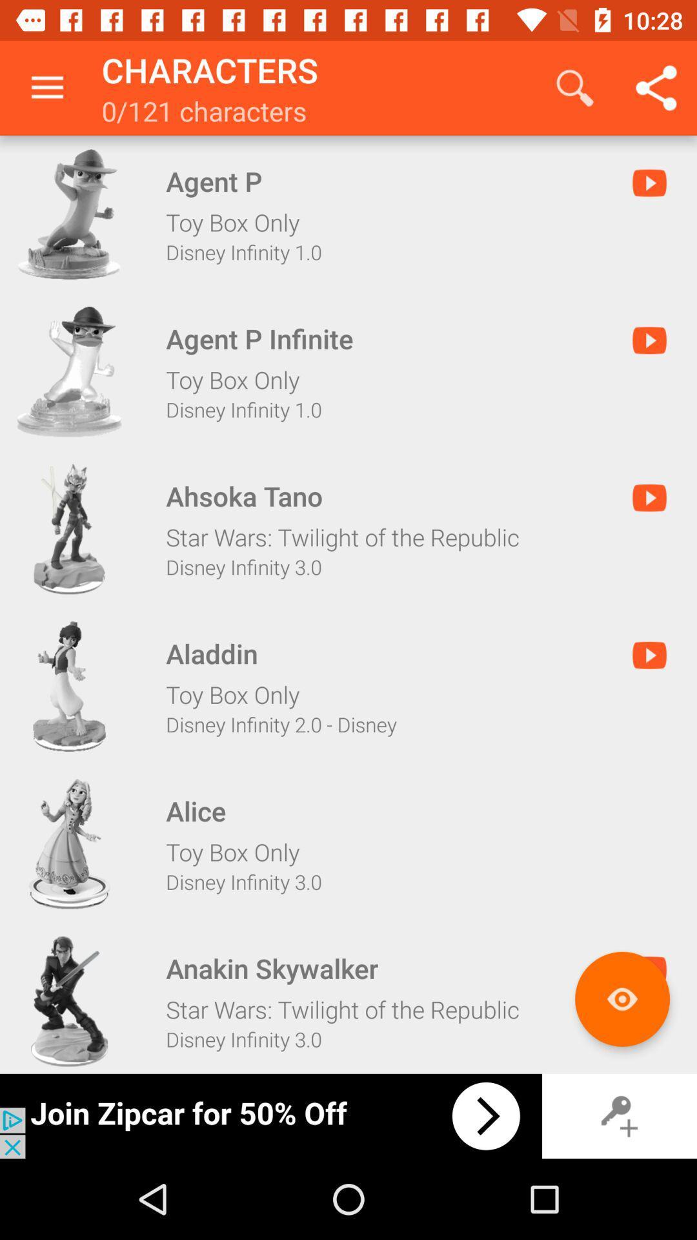  What do you see at coordinates (69, 371) in the screenshot?
I see `character` at bounding box center [69, 371].